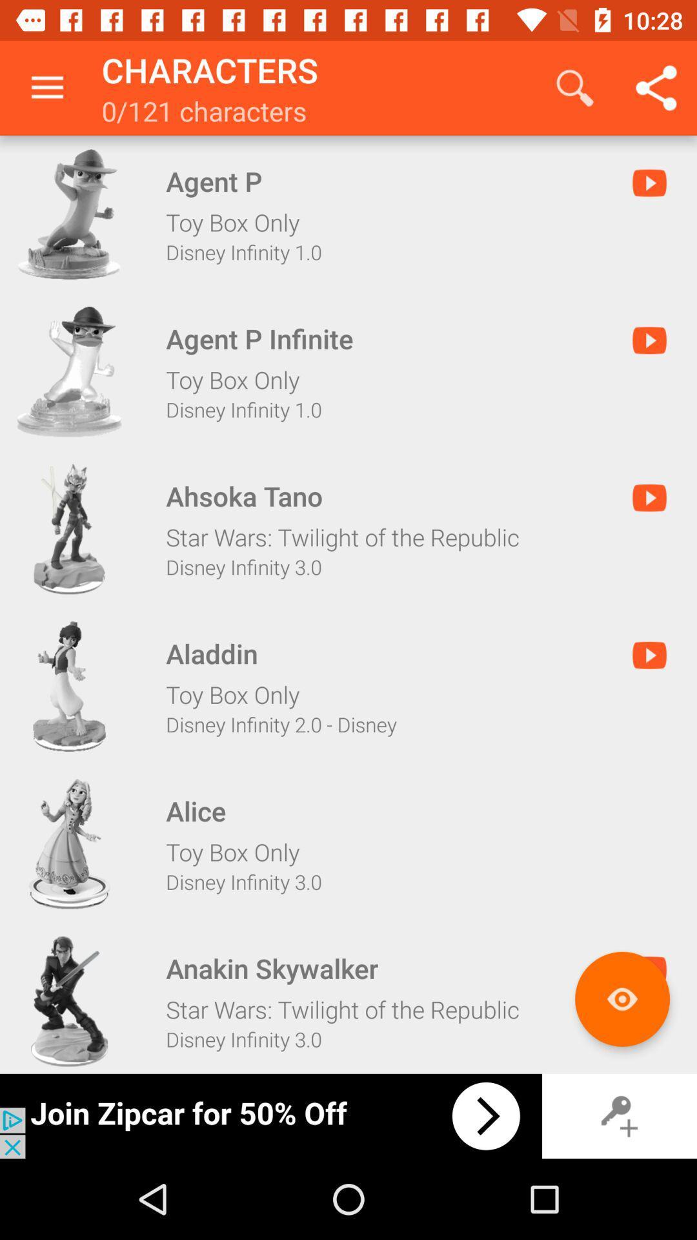  What do you see at coordinates (69, 371) in the screenshot?
I see `character` at bounding box center [69, 371].